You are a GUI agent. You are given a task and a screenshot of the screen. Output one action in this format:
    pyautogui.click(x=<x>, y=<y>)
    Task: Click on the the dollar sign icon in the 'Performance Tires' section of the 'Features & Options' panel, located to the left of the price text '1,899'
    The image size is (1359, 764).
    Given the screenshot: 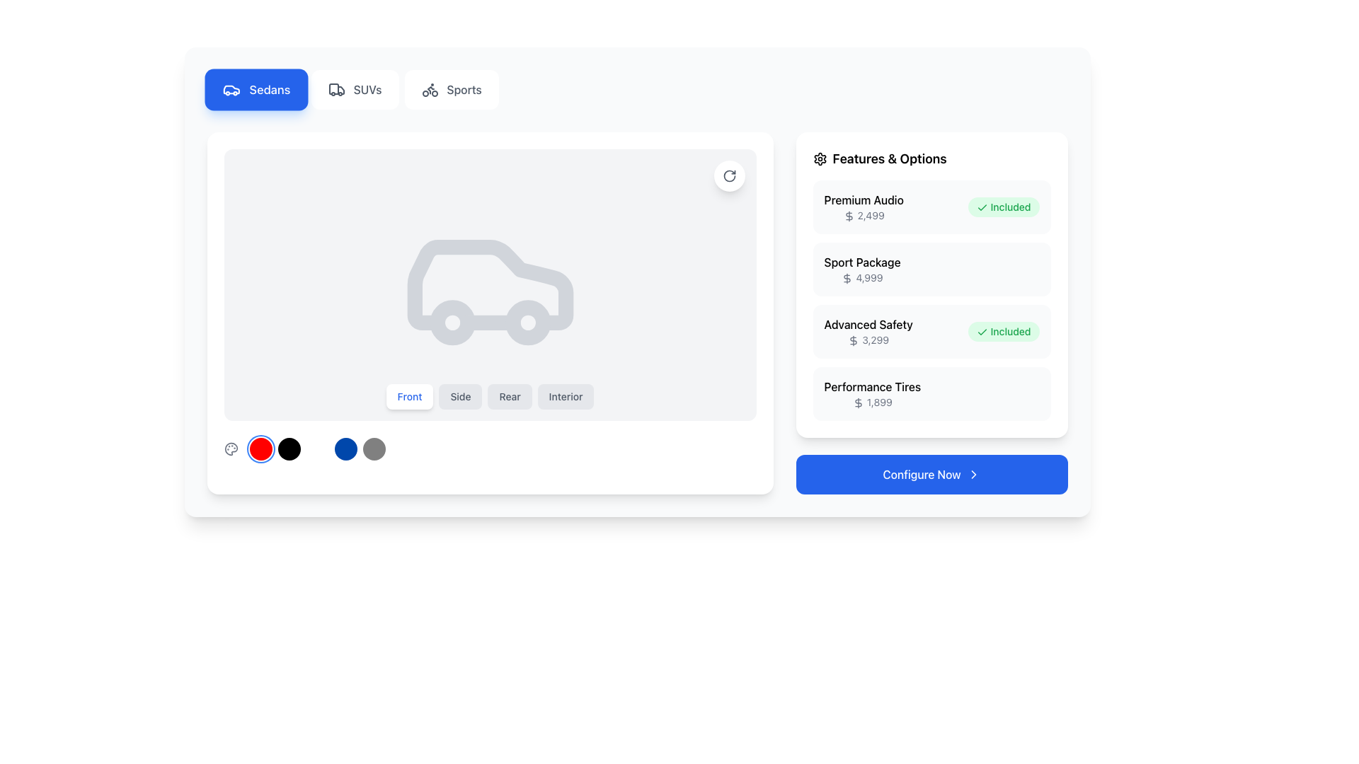 What is the action you would take?
    pyautogui.click(x=857, y=403)
    